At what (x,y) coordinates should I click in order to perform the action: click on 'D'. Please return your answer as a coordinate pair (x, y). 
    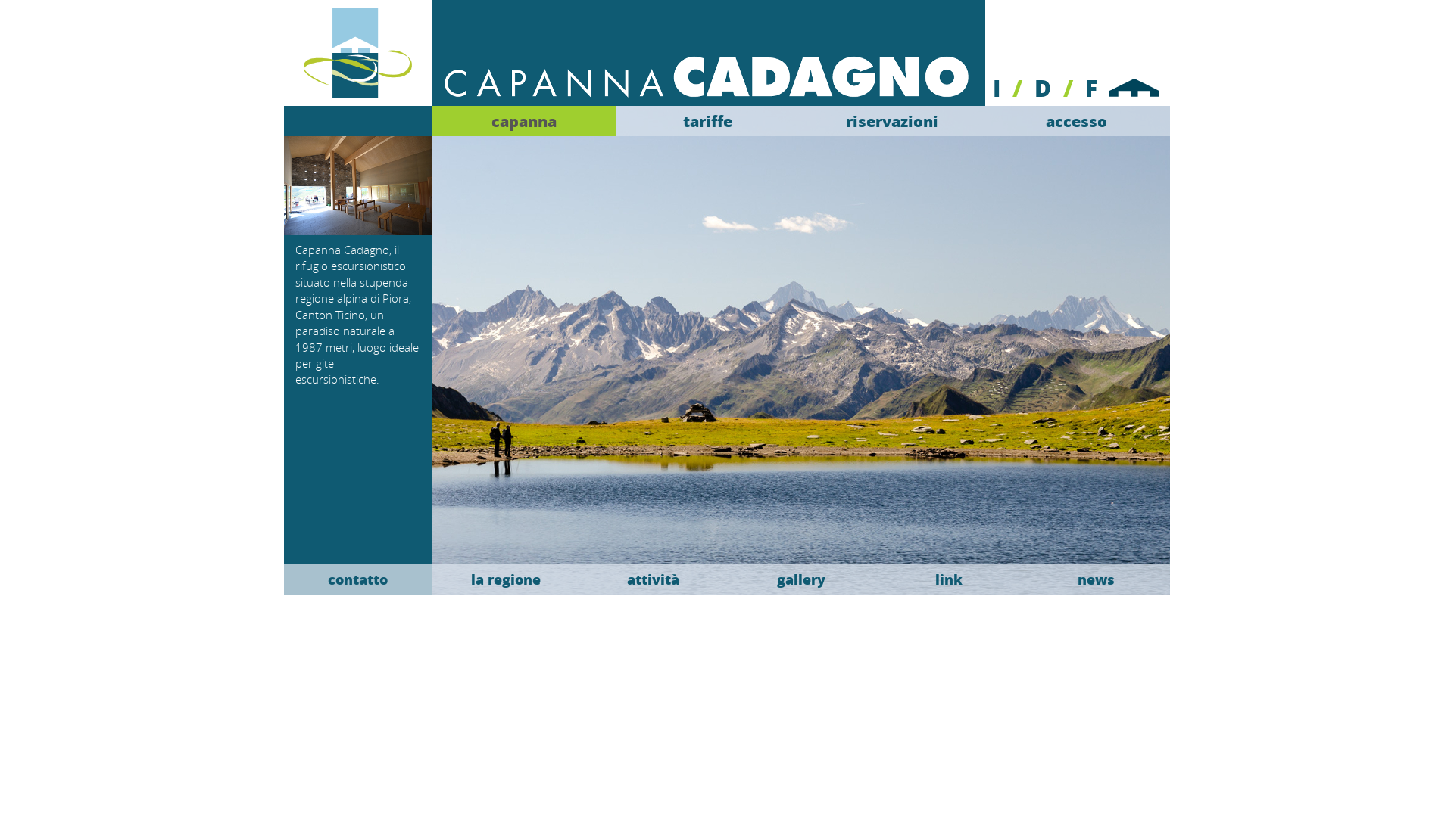
    Looking at the image, I should click on (1042, 87).